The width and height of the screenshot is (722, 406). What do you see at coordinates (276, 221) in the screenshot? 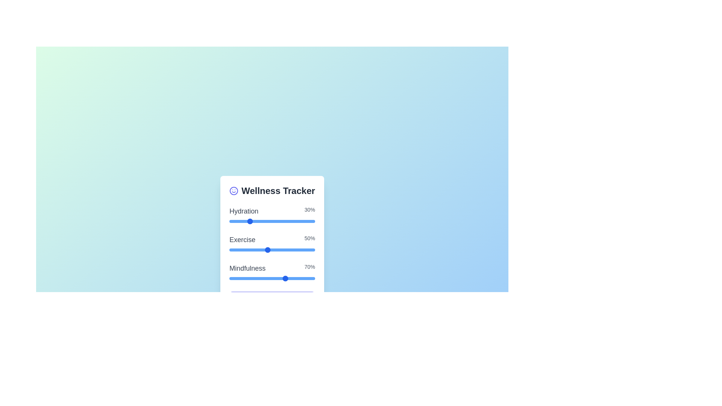
I see `the 'Hydration' slider to set its value to 6` at bounding box center [276, 221].